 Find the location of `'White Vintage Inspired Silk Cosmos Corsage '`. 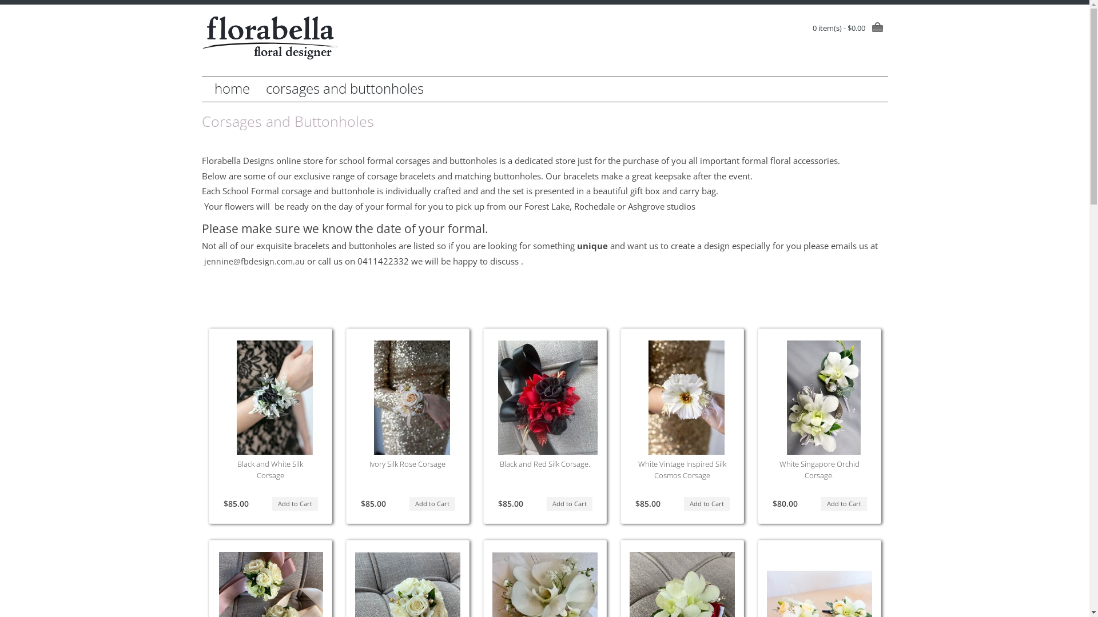

'White Vintage Inspired Silk Cosmos Corsage ' is located at coordinates (686, 396).